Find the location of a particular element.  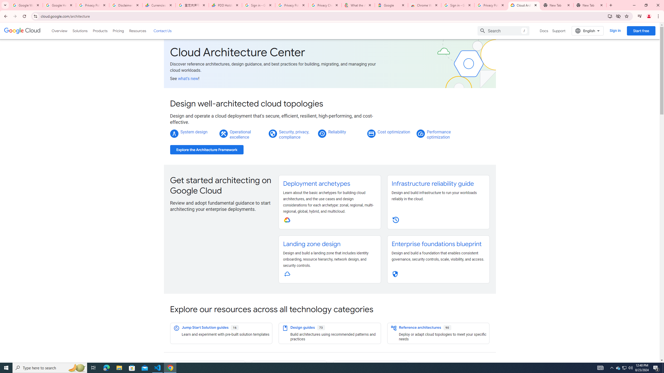

'PDD Holdings Inc - ADR (PDD) Price & News - Google Finance' is located at coordinates (225, 5).